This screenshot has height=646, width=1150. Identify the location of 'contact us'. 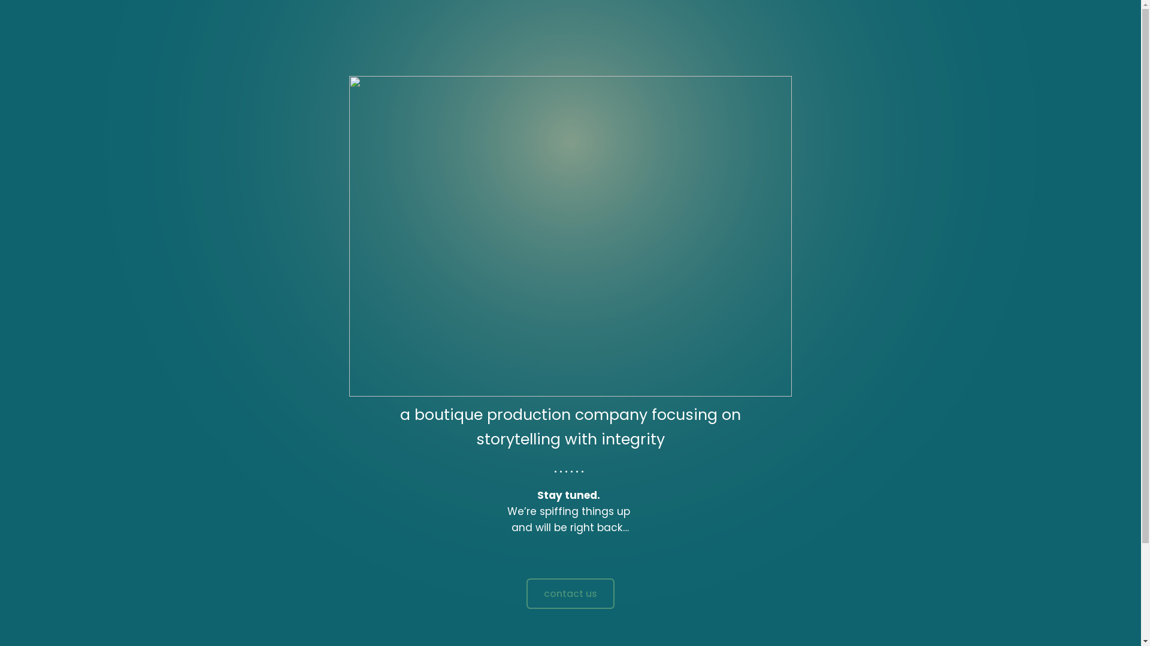
(570, 593).